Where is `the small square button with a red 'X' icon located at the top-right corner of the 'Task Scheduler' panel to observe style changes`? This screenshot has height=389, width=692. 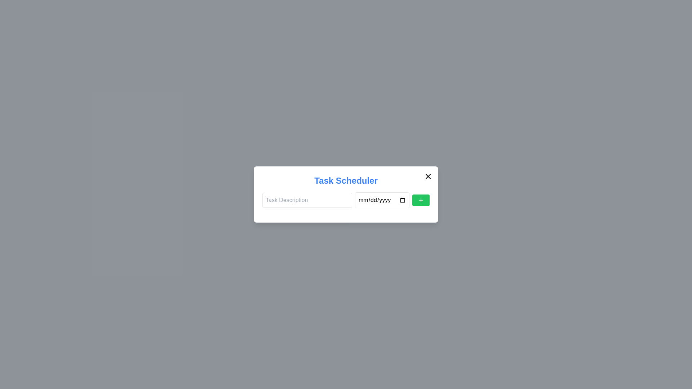
the small square button with a red 'X' icon located at the top-right corner of the 'Task Scheduler' panel to observe style changes is located at coordinates (428, 176).